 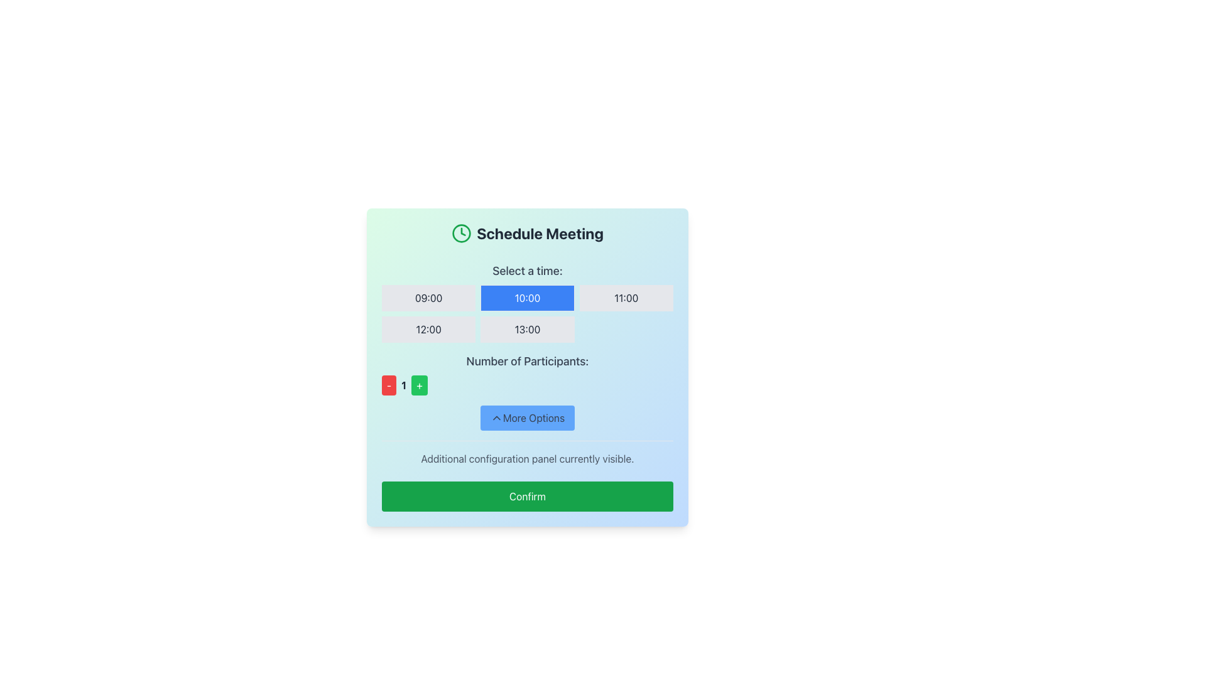 I want to click on the 'Schedule Meeting' static text label with the green clock icon, which is the main header at the top of the card layout, so click(x=528, y=233).